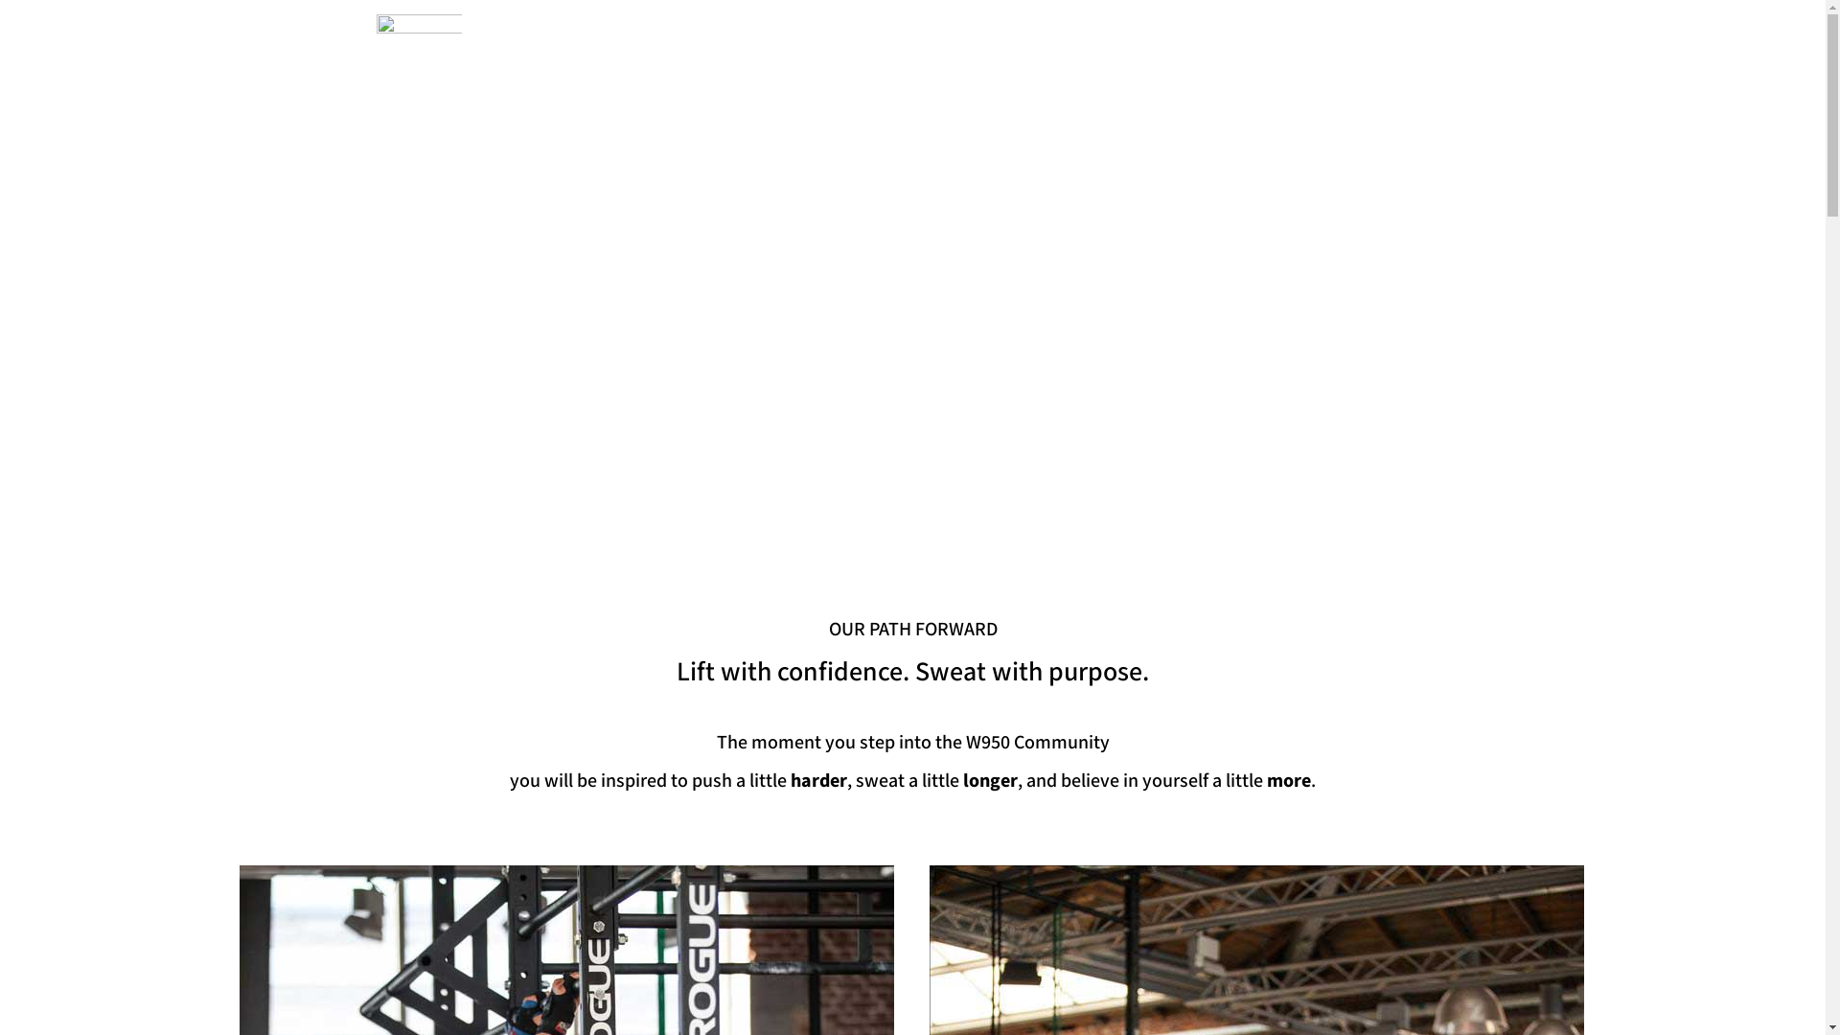  I want to click on 'JOIN US', so click(1388, 34).